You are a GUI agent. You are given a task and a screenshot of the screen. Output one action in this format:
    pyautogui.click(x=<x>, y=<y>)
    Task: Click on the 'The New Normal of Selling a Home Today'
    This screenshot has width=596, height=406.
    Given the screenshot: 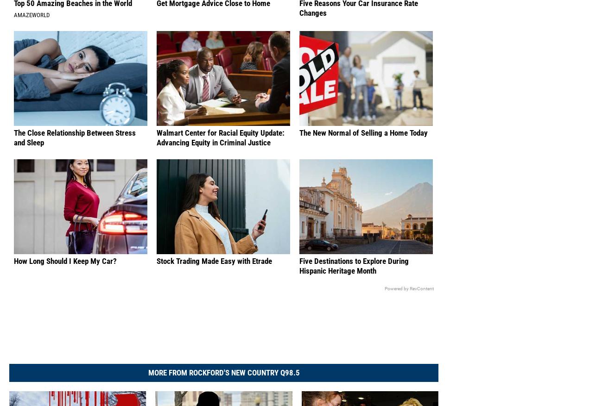 What is the action you would take?
    pyautogui.click(x=299, y=142)
    